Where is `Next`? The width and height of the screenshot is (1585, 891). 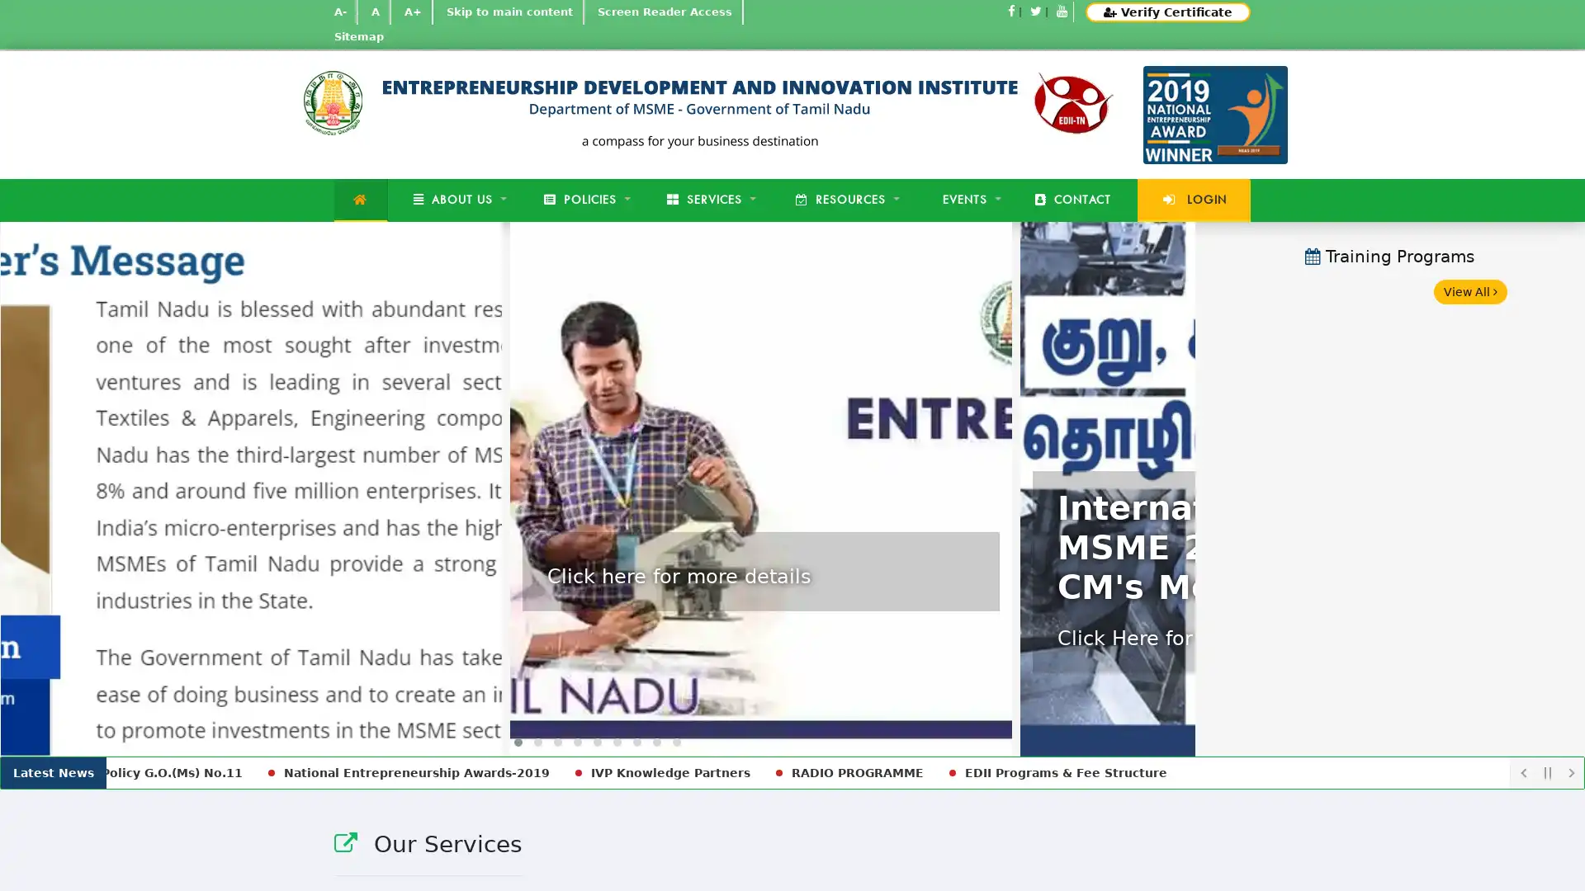
Next is located at coordinates (1160, 471).